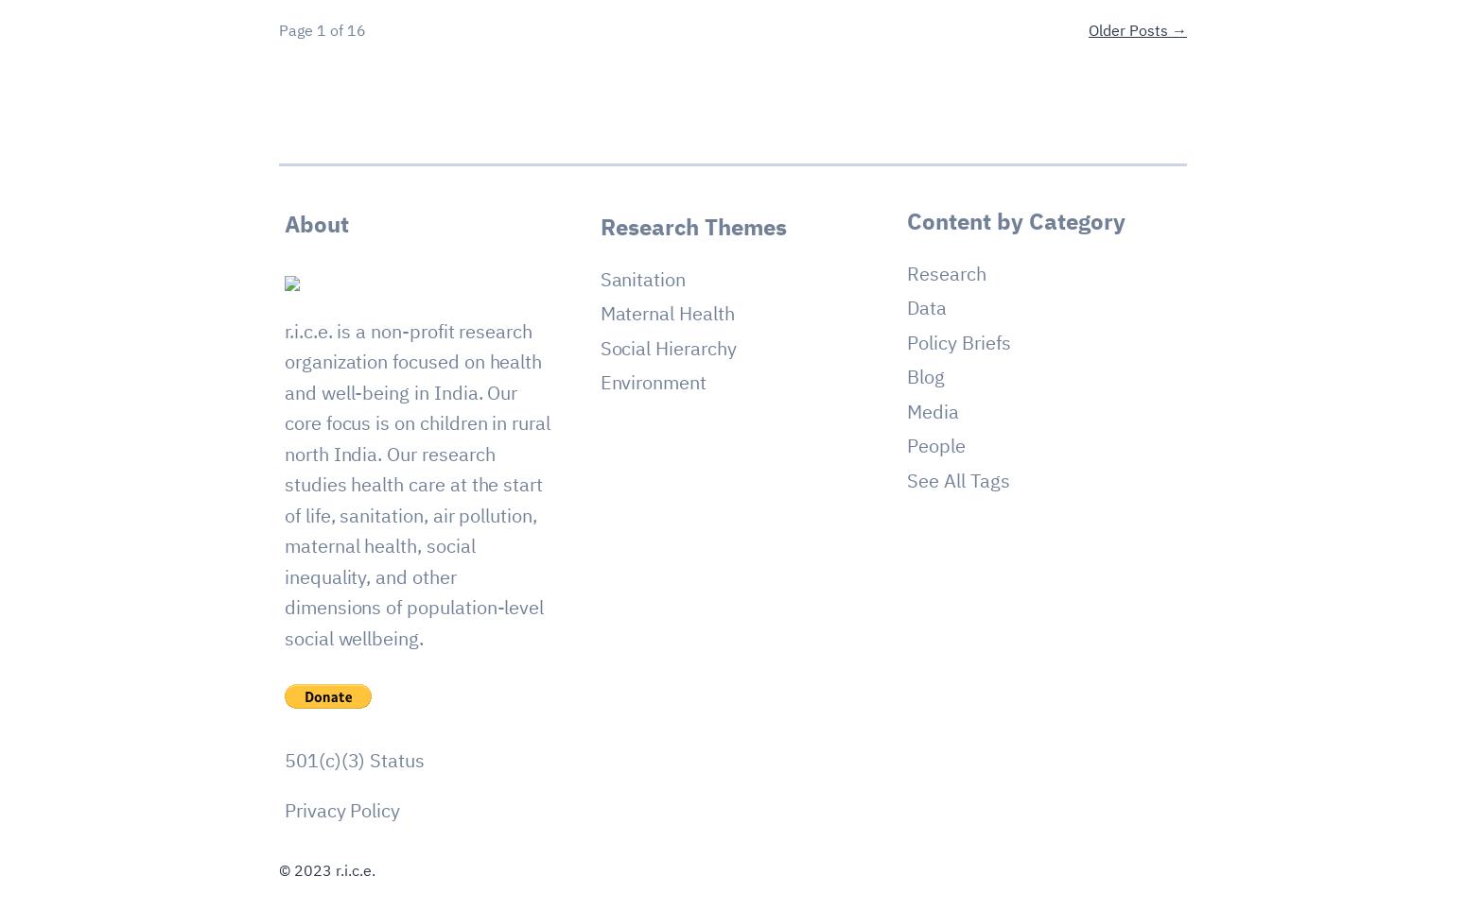 The image size is (1466, 910). Describe the element at coordinates (340, 809) in the screenshot. I see `'Privacy Policy'` at that location.